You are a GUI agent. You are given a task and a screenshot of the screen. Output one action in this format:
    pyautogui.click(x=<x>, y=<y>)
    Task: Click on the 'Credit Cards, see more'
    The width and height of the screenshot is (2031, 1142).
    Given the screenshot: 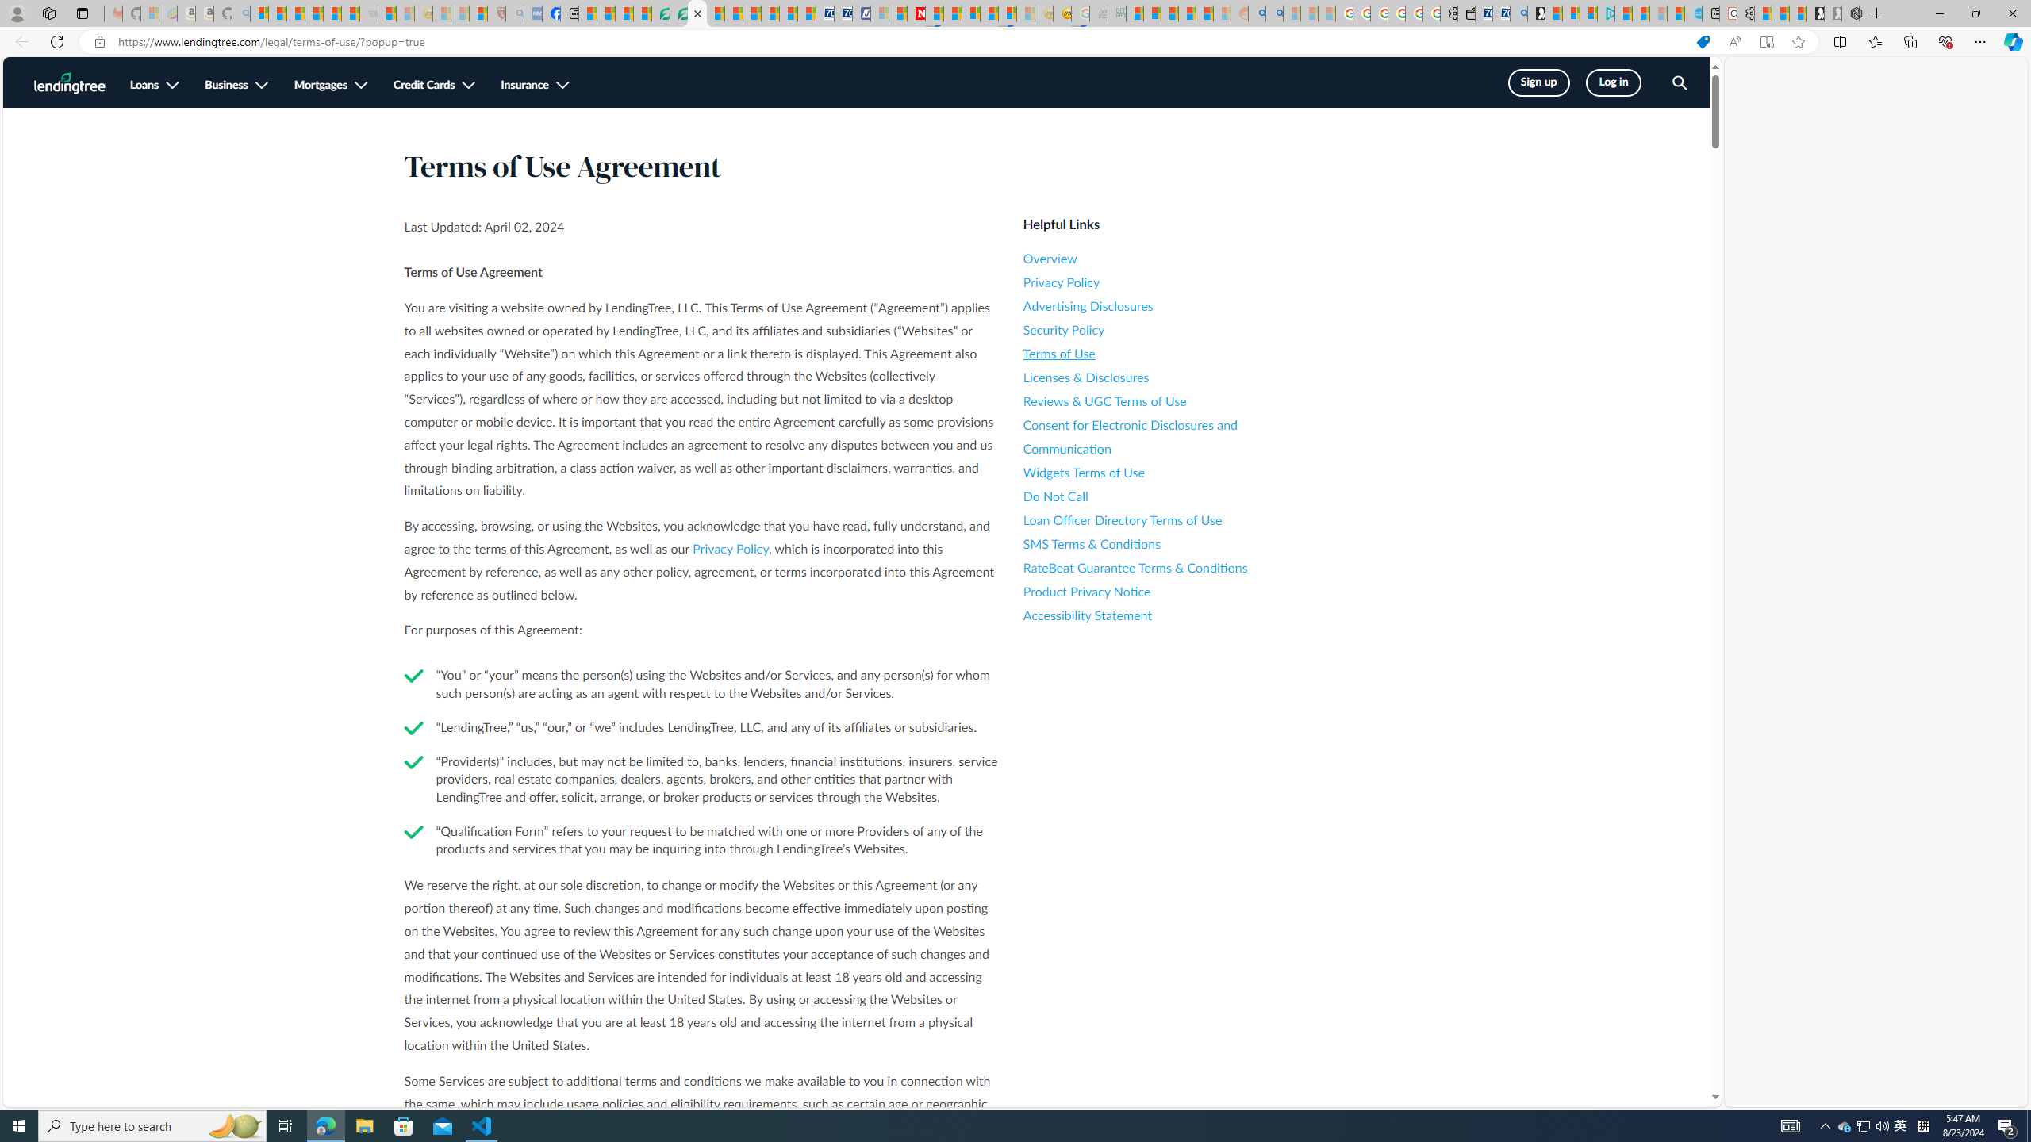 What is the action you would take?
    pyautogui.click(x=433, y=85)
    